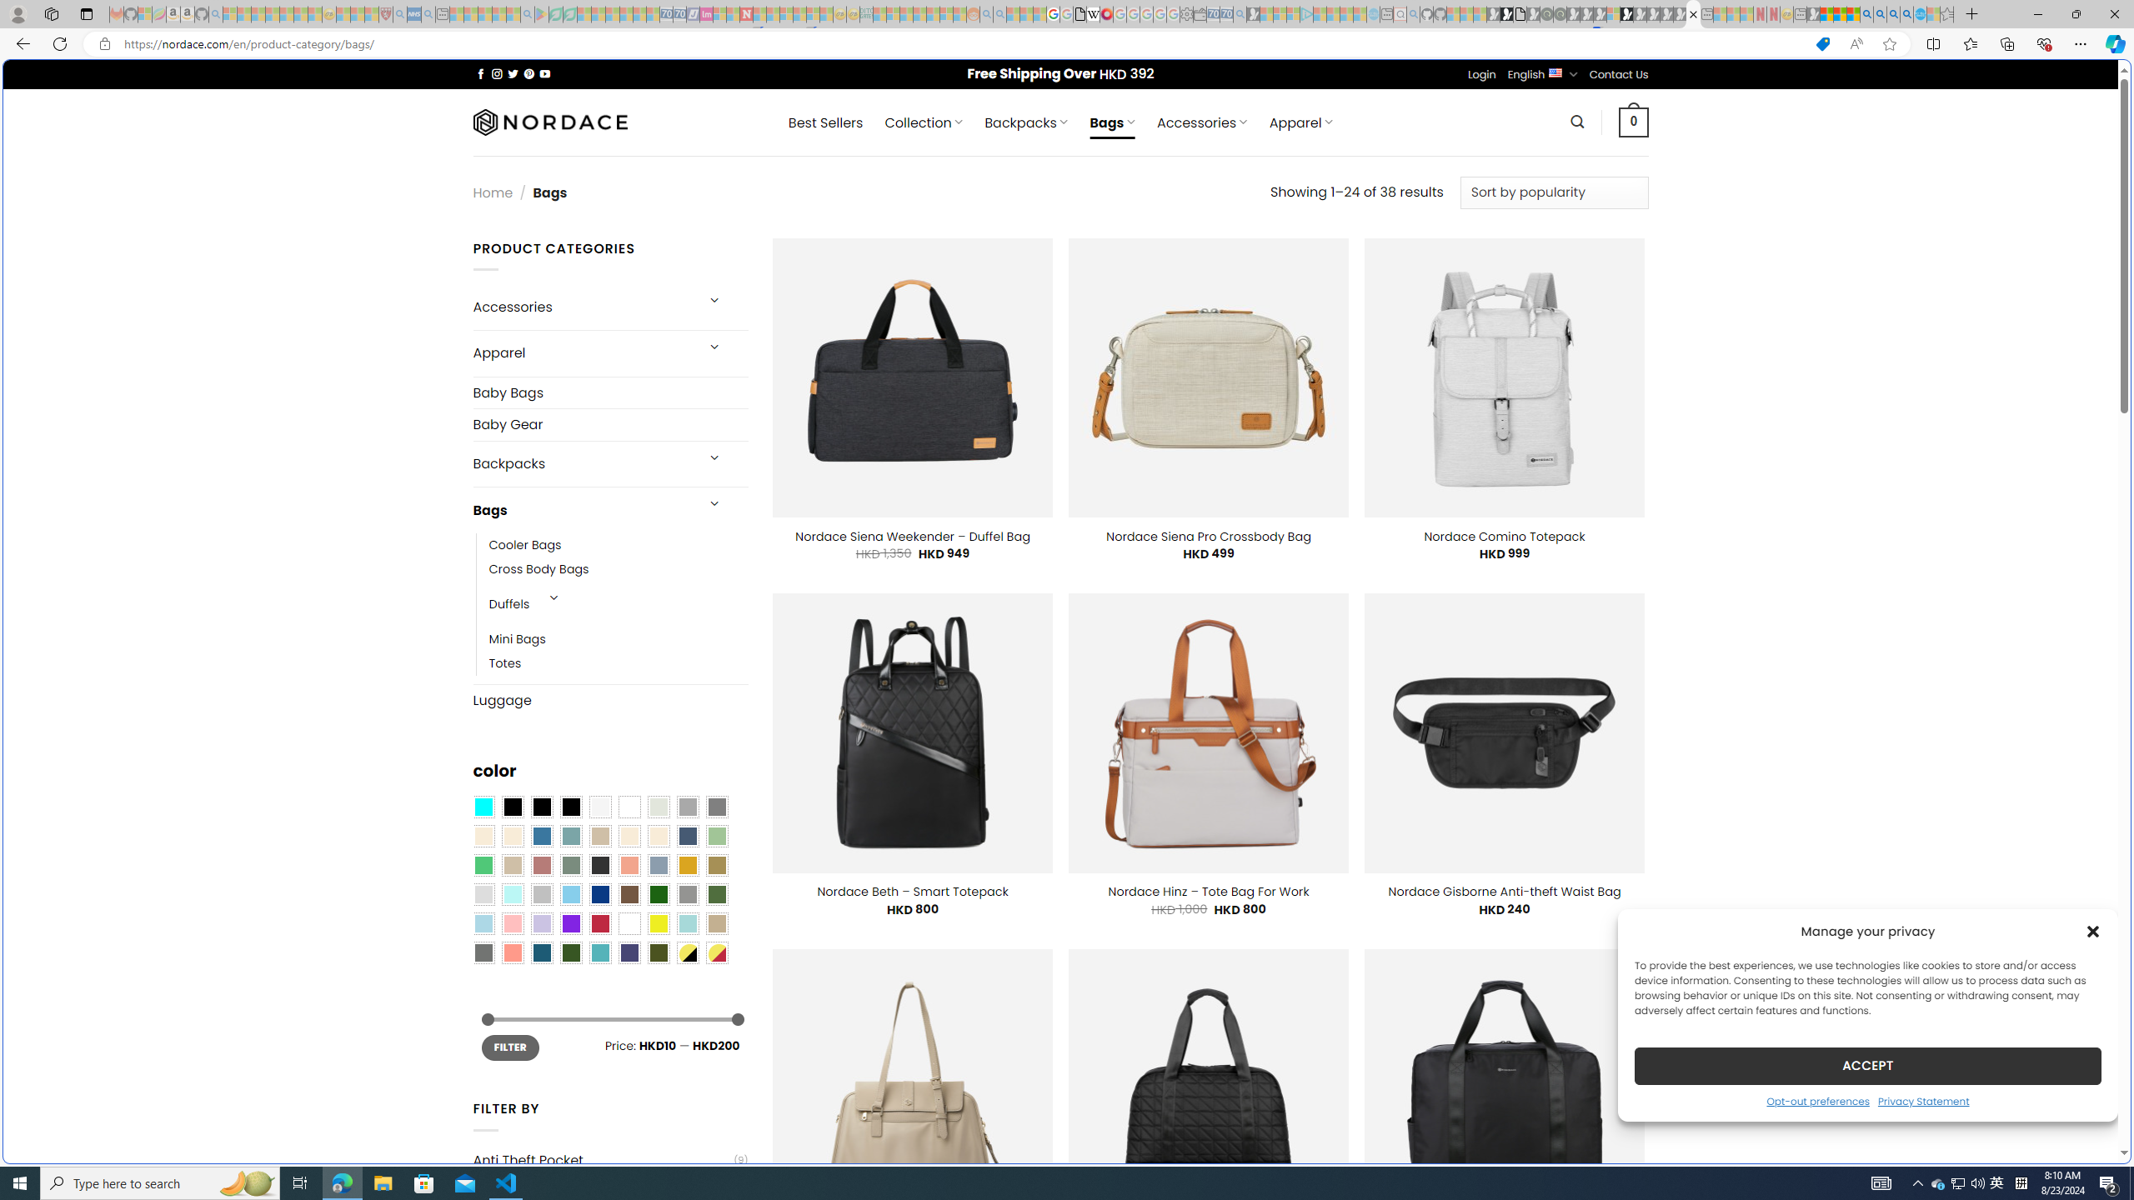  What do you see at coordinates (541, 864) in the screenshot?
I see `'Rose'` at bounding box center [541, 864].